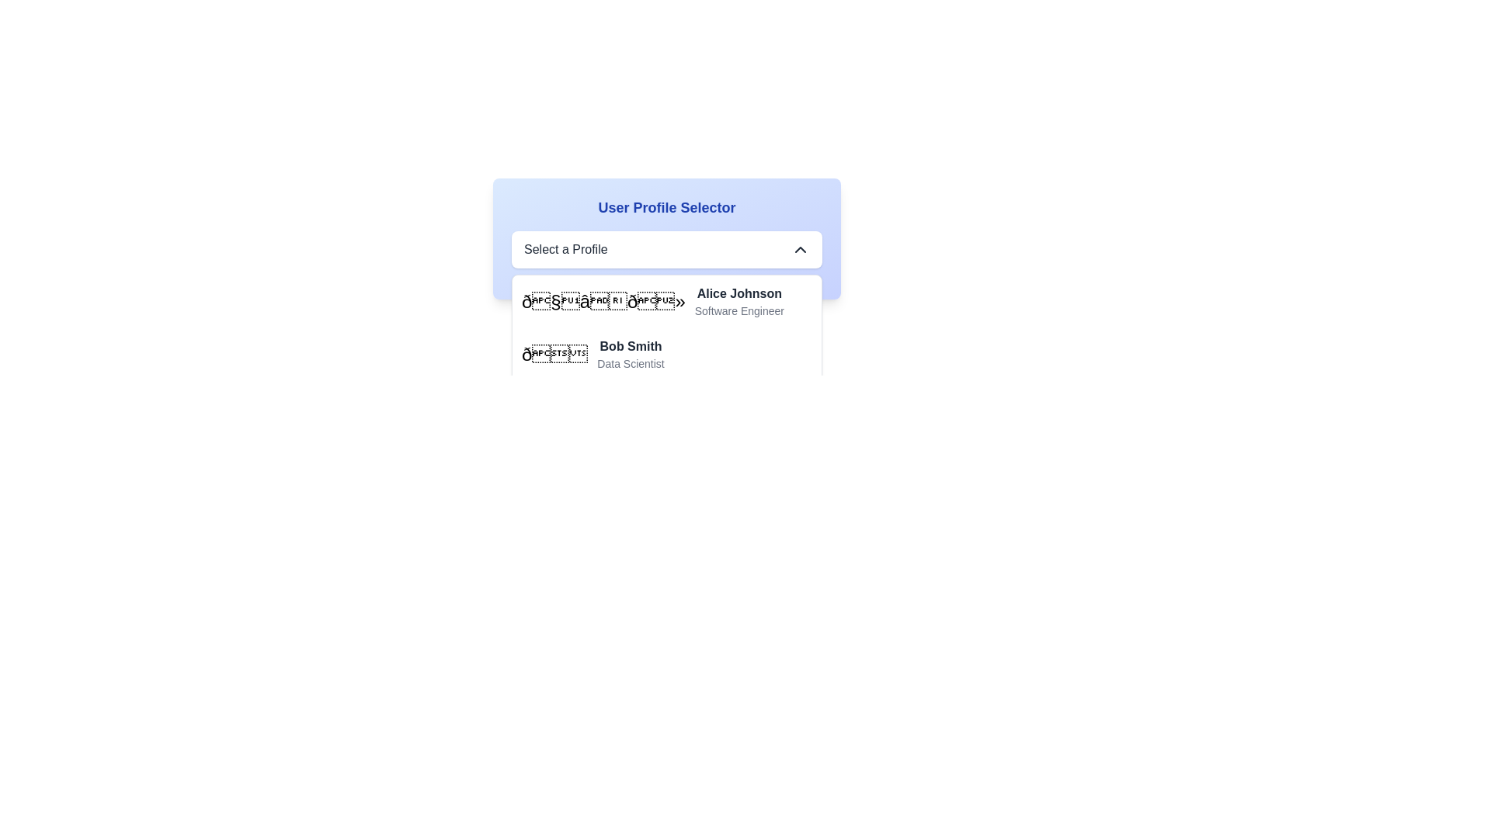 Image resolution: width=1491 pixels, height=838 pixels. What do you see at coordinates (801, 248) in the screenshot?
I see `the icon button located to the far right of the 'Select a Profile' bar` at bounding box center [801, 248].